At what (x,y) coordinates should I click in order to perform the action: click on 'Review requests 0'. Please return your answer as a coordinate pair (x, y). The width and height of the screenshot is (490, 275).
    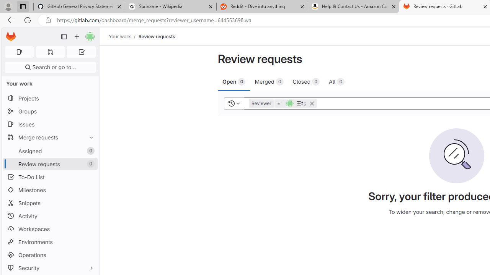
    Looking at the image, I should click on (50, 163).